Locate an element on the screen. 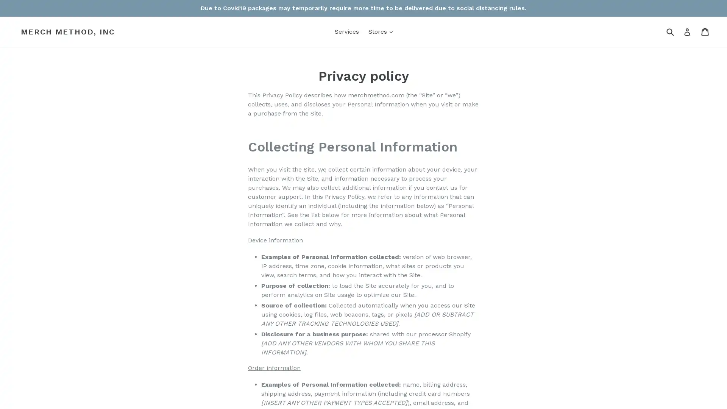  Submit is located at coordinates (670, 31).